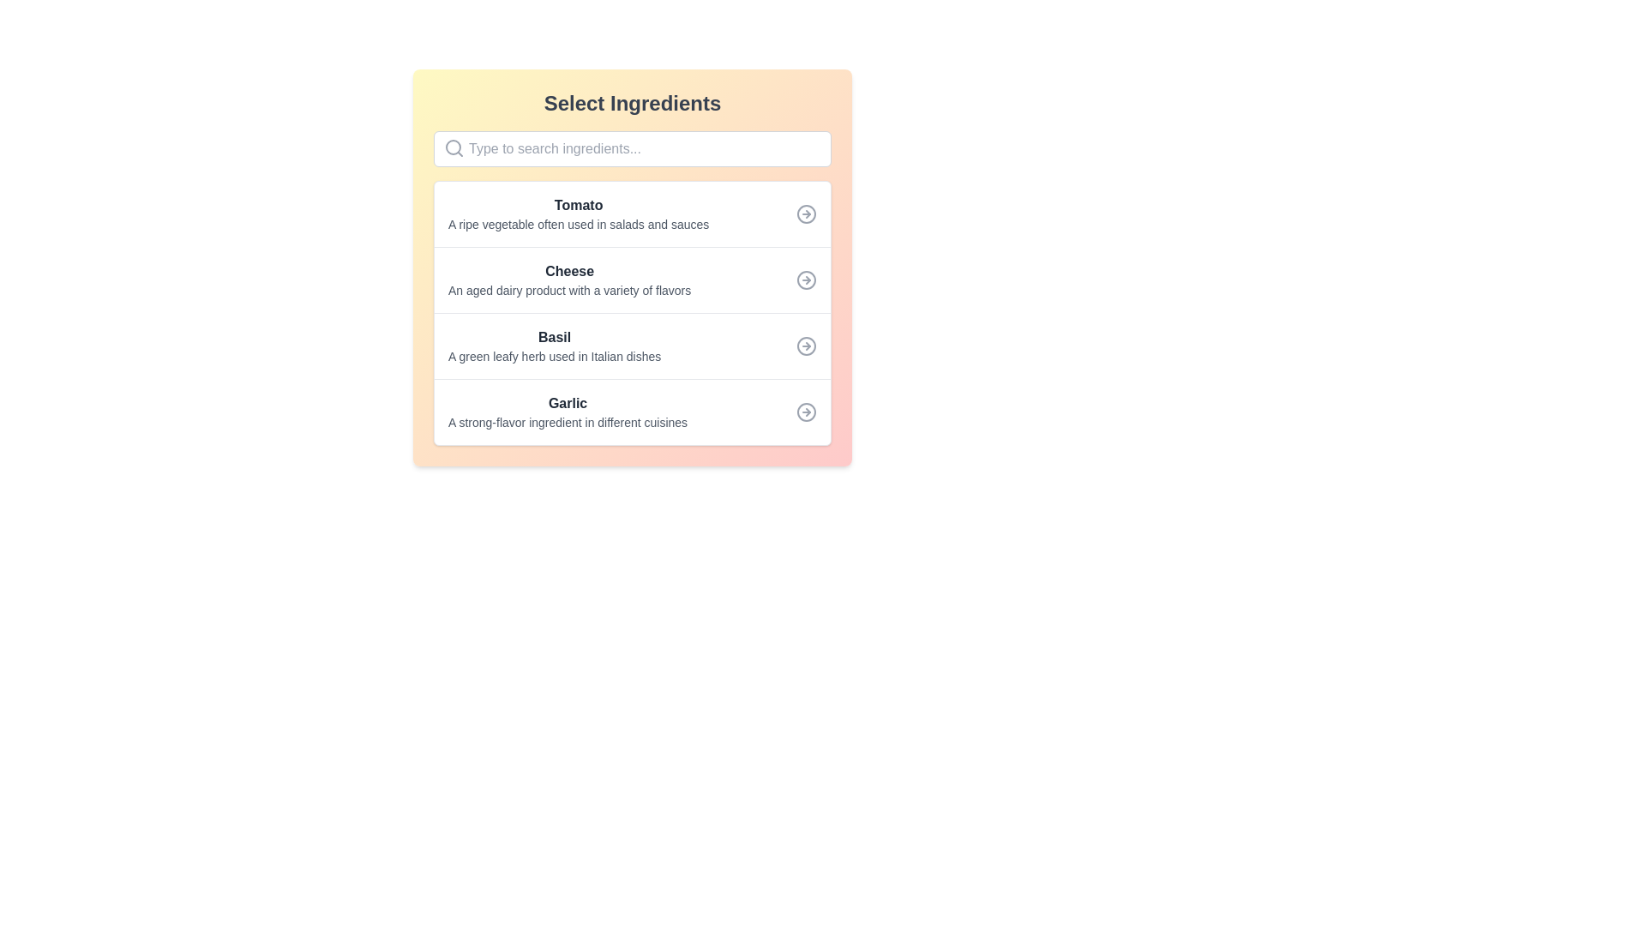 The width and height of the screenshot is (1646, 926). Describe the element at coordinates (632, 411) in the screenshot. I see `the arrow icon on the fourth list item describing 'Garlic' in the 'Select Ingredients' panel` at that location.